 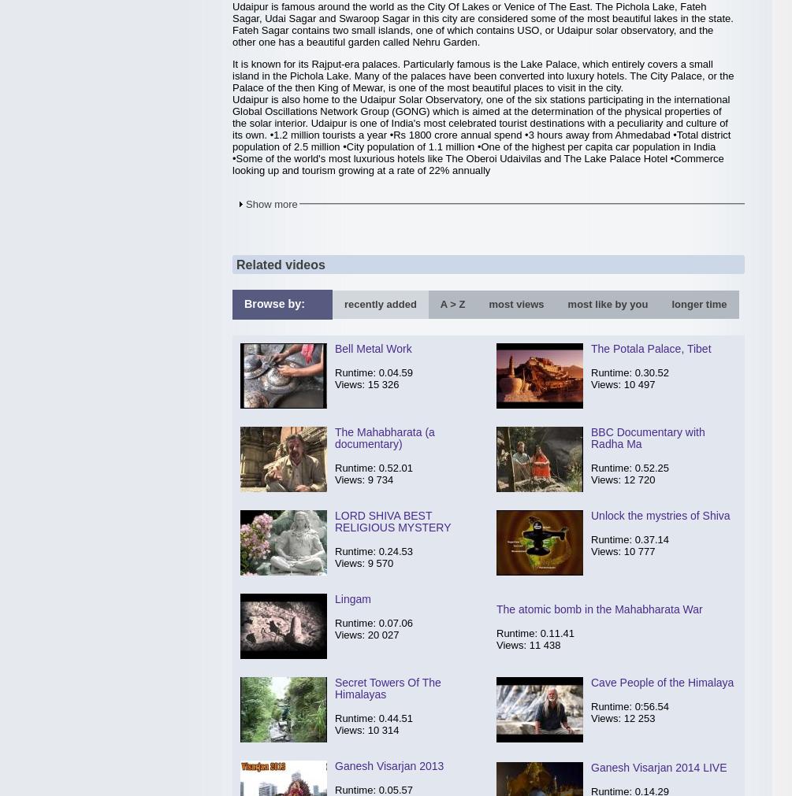 What do you see at coordinates (335, 348) in the screenshot?
I see `'Bell Metal Work'` at bounding box center [335, 348].